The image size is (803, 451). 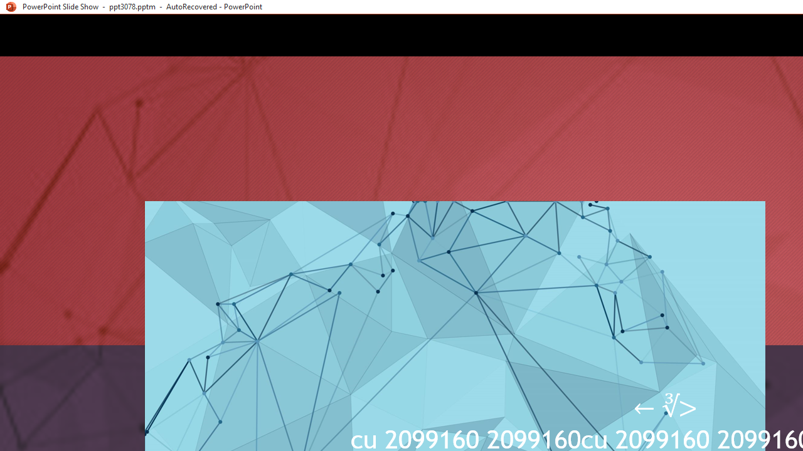 What do you see at coordinates (6, 7) in the screenshot?
I see `'System'` at bounding box center [6, 7].